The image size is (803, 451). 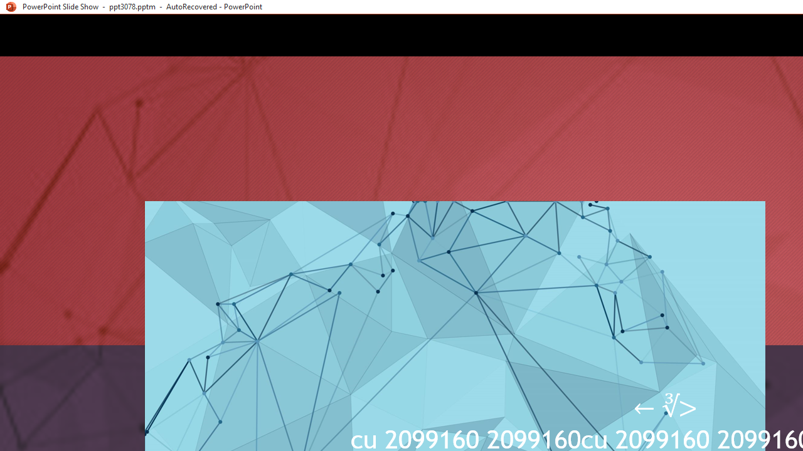 What do you see at coordinates (6, 7) in the screenshot?
I see `'System'` at bounding box center [6, 7].